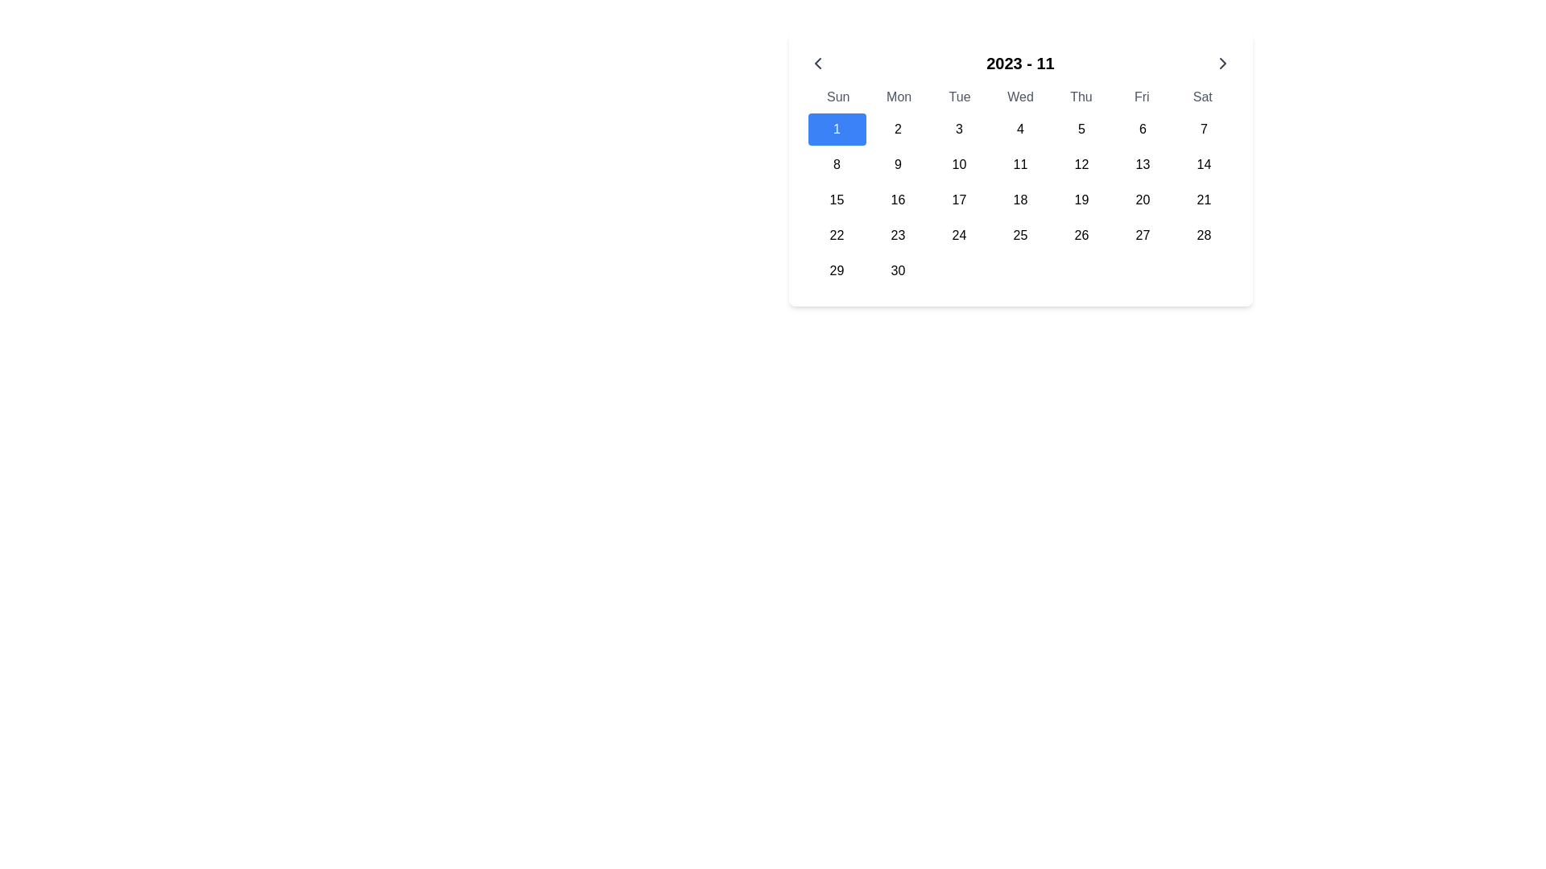  Describe the element at coordinates (1019, 97) in the screenshot. I see `the text label 'Wed' which is the fourth item in the row of abbreviated days of the week in the calendar component` at that location.